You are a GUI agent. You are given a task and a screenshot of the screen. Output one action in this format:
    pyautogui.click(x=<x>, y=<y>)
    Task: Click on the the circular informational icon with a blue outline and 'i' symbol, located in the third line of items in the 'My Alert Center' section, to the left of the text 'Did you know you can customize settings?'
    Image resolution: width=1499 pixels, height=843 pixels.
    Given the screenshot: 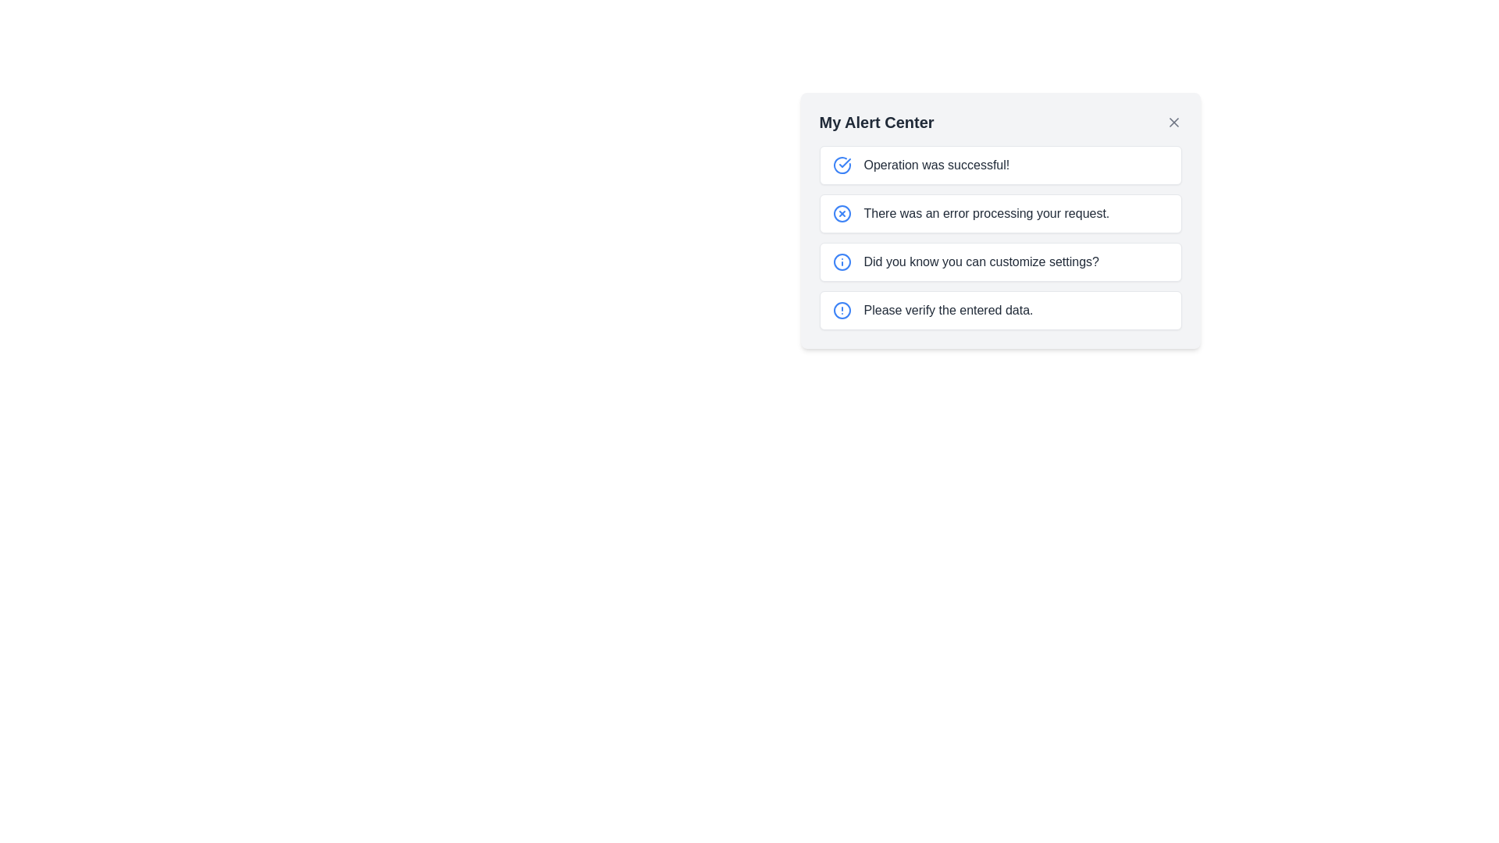 What is the action you would take?
    pyautogui.click(x=841, y=261)
    